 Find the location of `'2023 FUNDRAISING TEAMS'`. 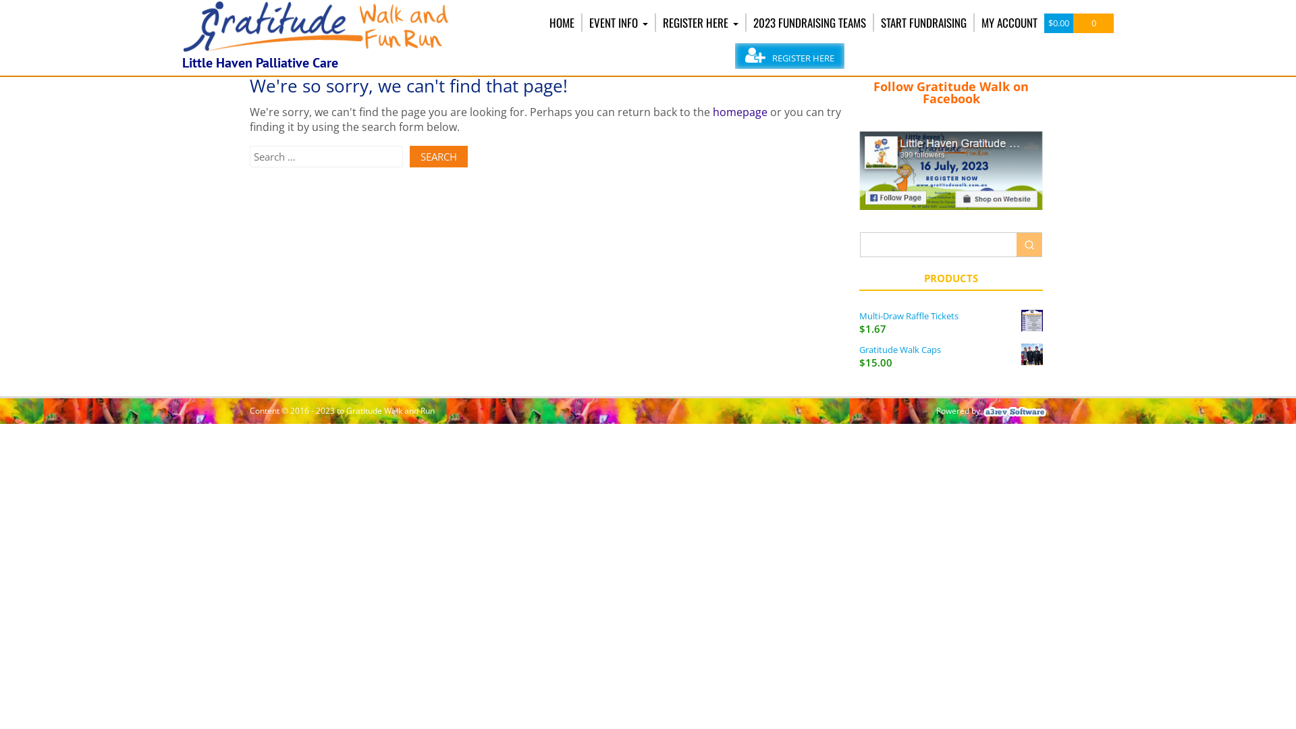

'2023 FUNDRAISING TEAMS' is located at coordinates (745, 22).